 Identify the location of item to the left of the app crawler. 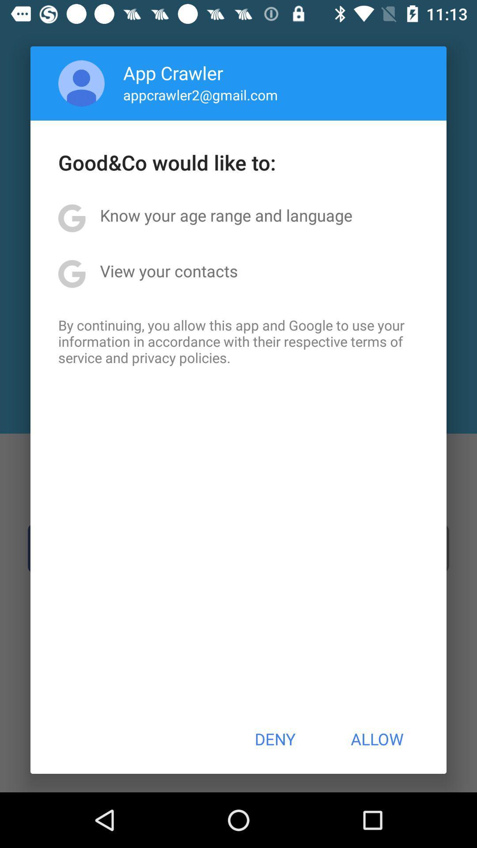
(81, 83).